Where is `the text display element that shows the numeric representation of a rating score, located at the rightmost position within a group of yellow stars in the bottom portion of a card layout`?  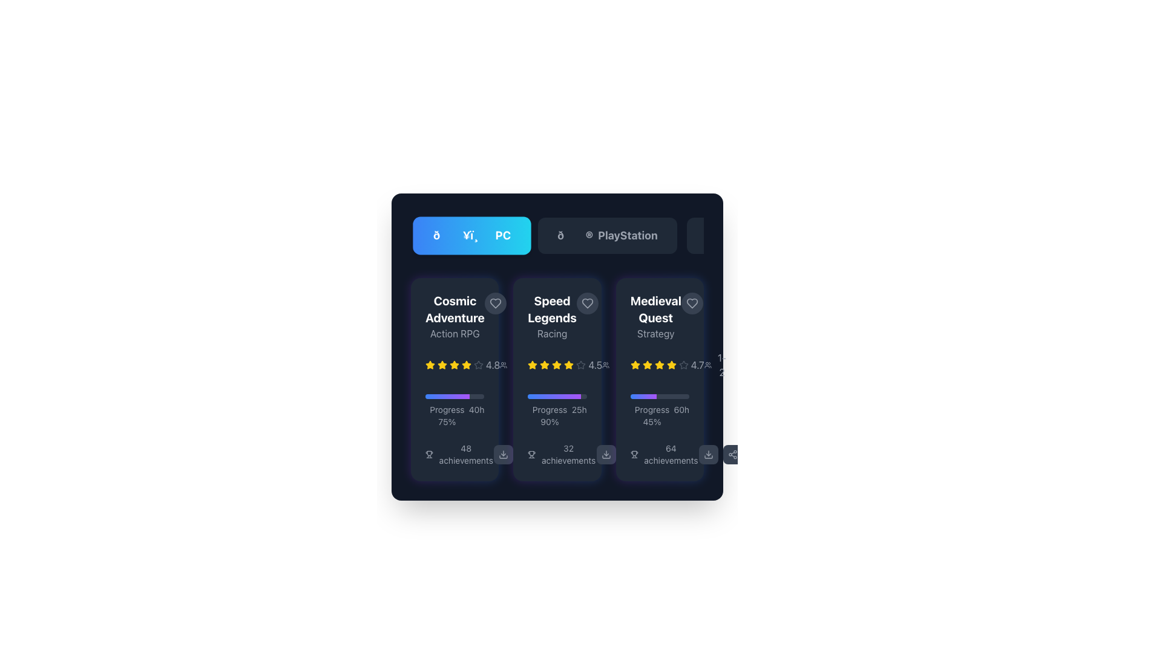
the text display element that shows the numeric representation of a rating score, located at the rightmost position within a group of yellow stars in the bottom portion of a card layout is located at coordinates (493, 365).